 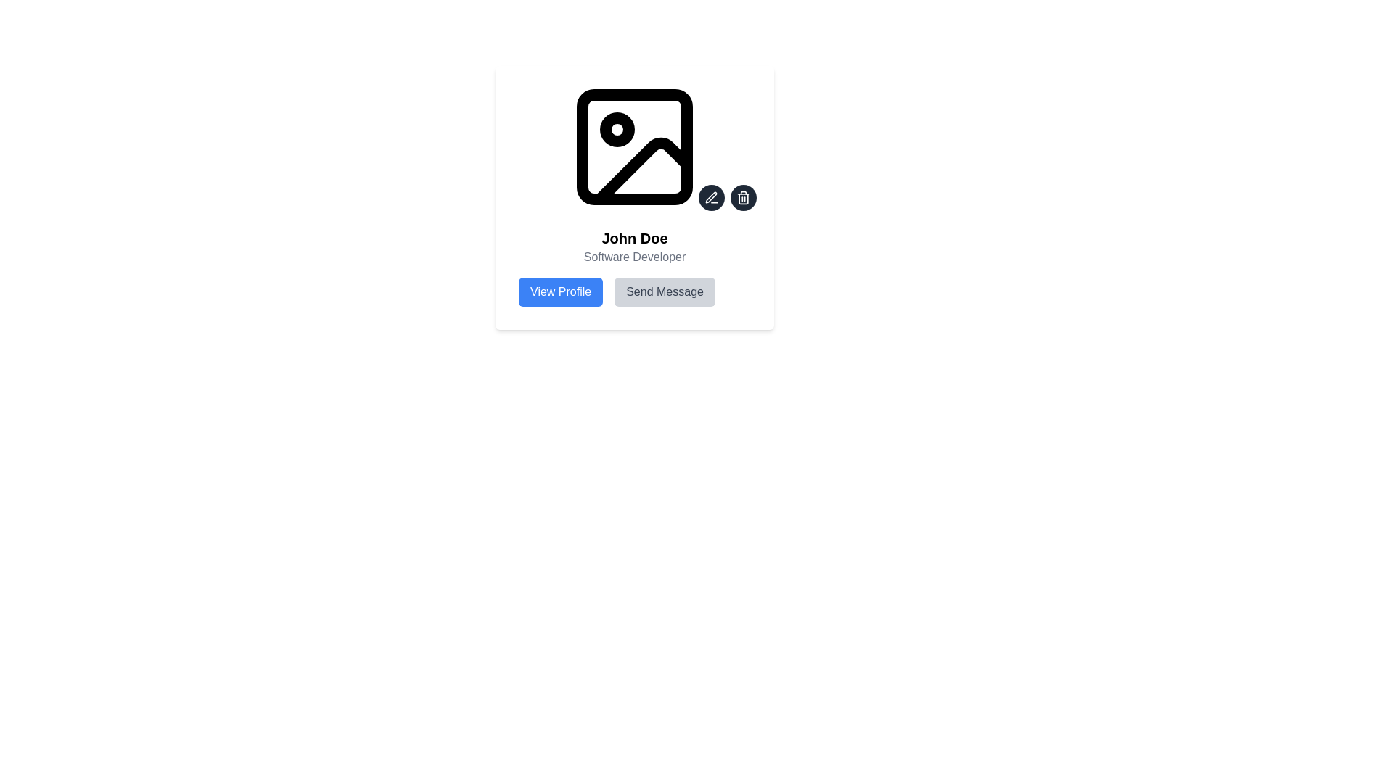 I want to click on the profile view button located directly below the user profile picture and name section to visualize the hover effect, so click(x=560, y=291).